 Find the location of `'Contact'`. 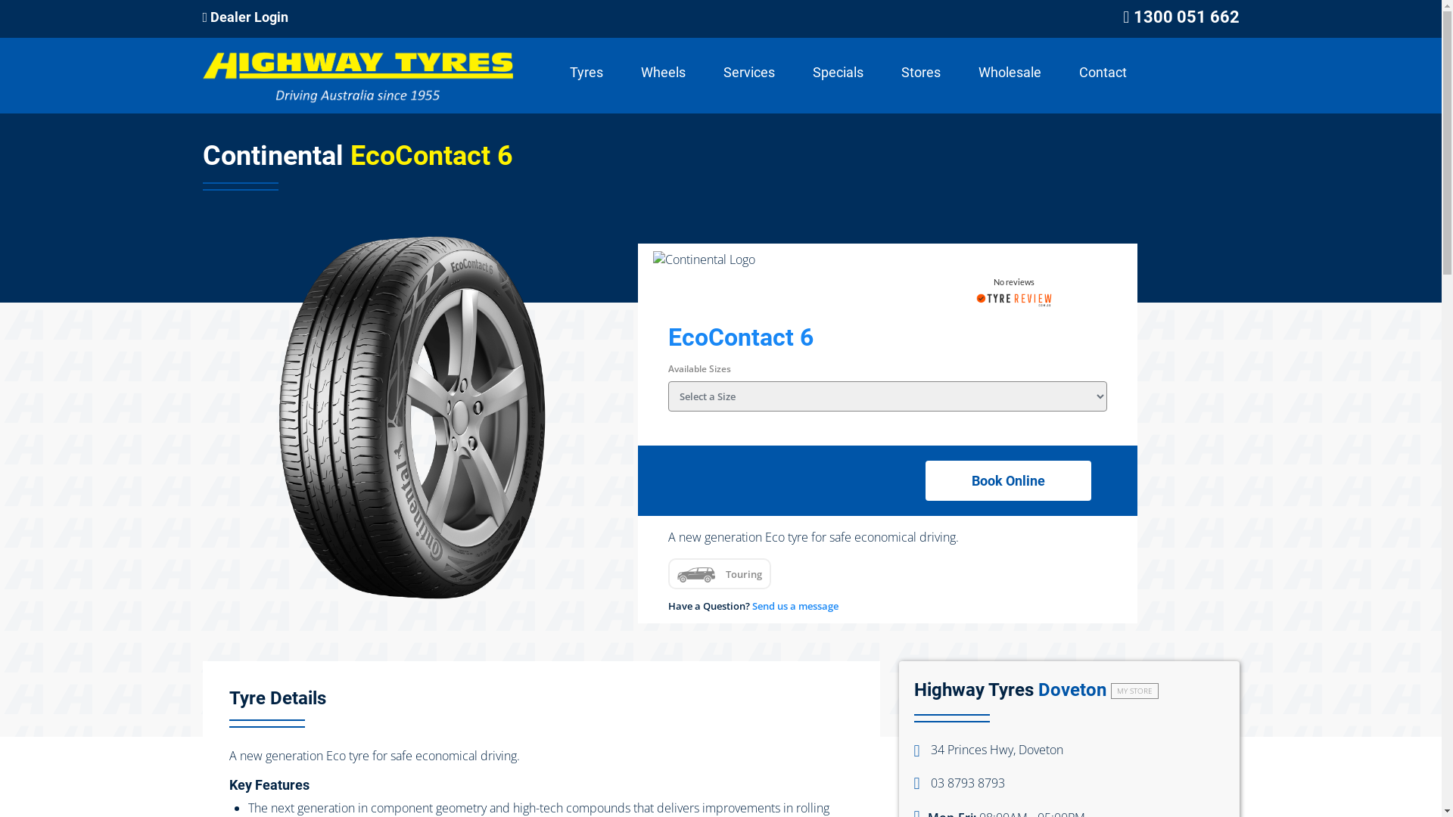

'Contact' is located at coordinates (1103, 72).